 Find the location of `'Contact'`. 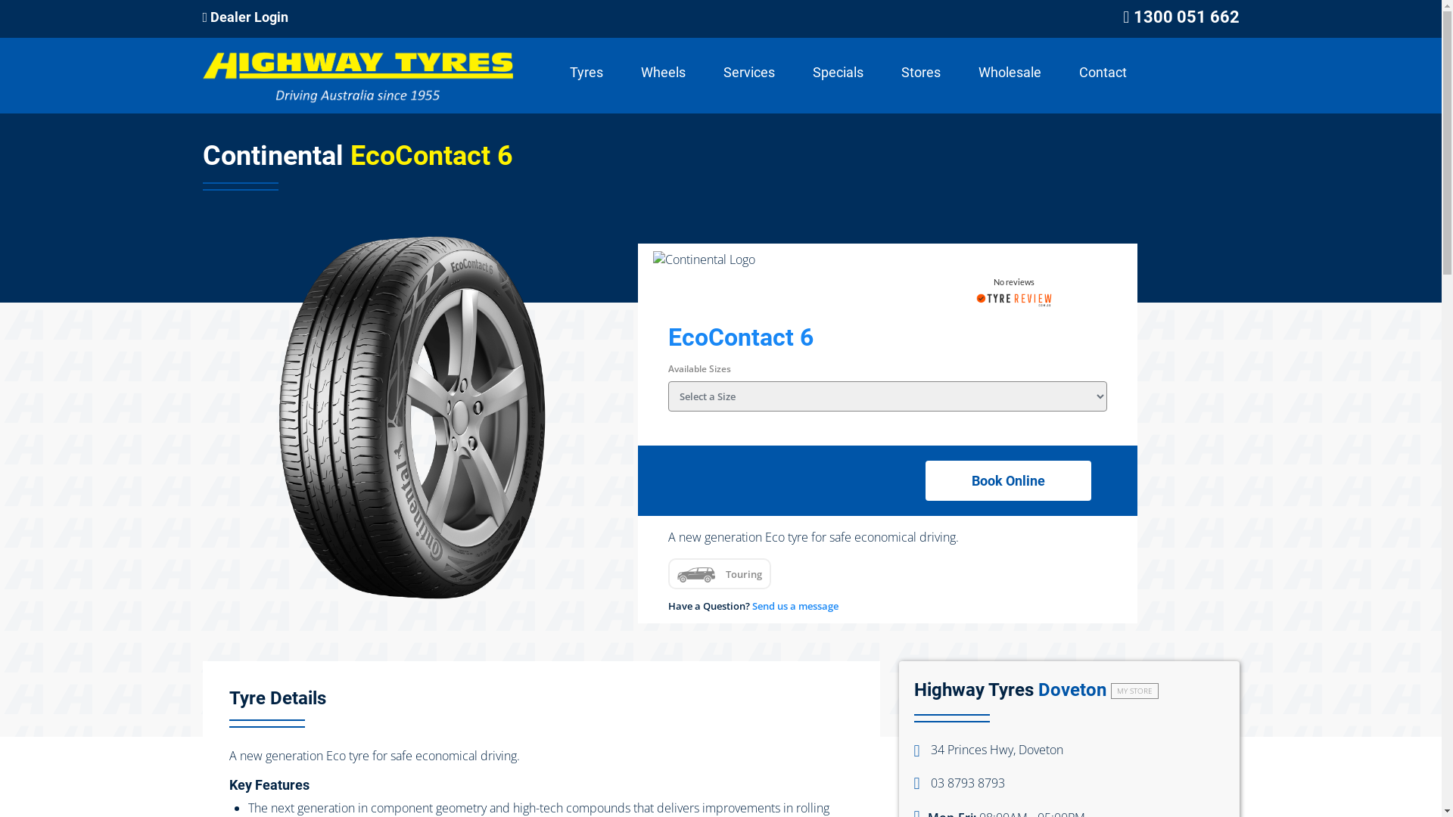

'Contact' is located at coordinates (1103, 72).